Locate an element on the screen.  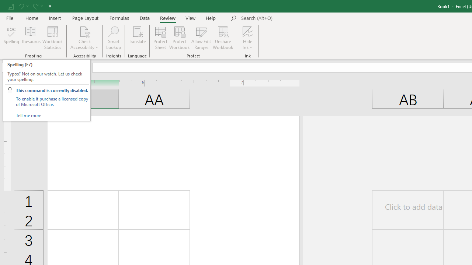
'This command is currently disabled.' is located at coordinates (51, 90).